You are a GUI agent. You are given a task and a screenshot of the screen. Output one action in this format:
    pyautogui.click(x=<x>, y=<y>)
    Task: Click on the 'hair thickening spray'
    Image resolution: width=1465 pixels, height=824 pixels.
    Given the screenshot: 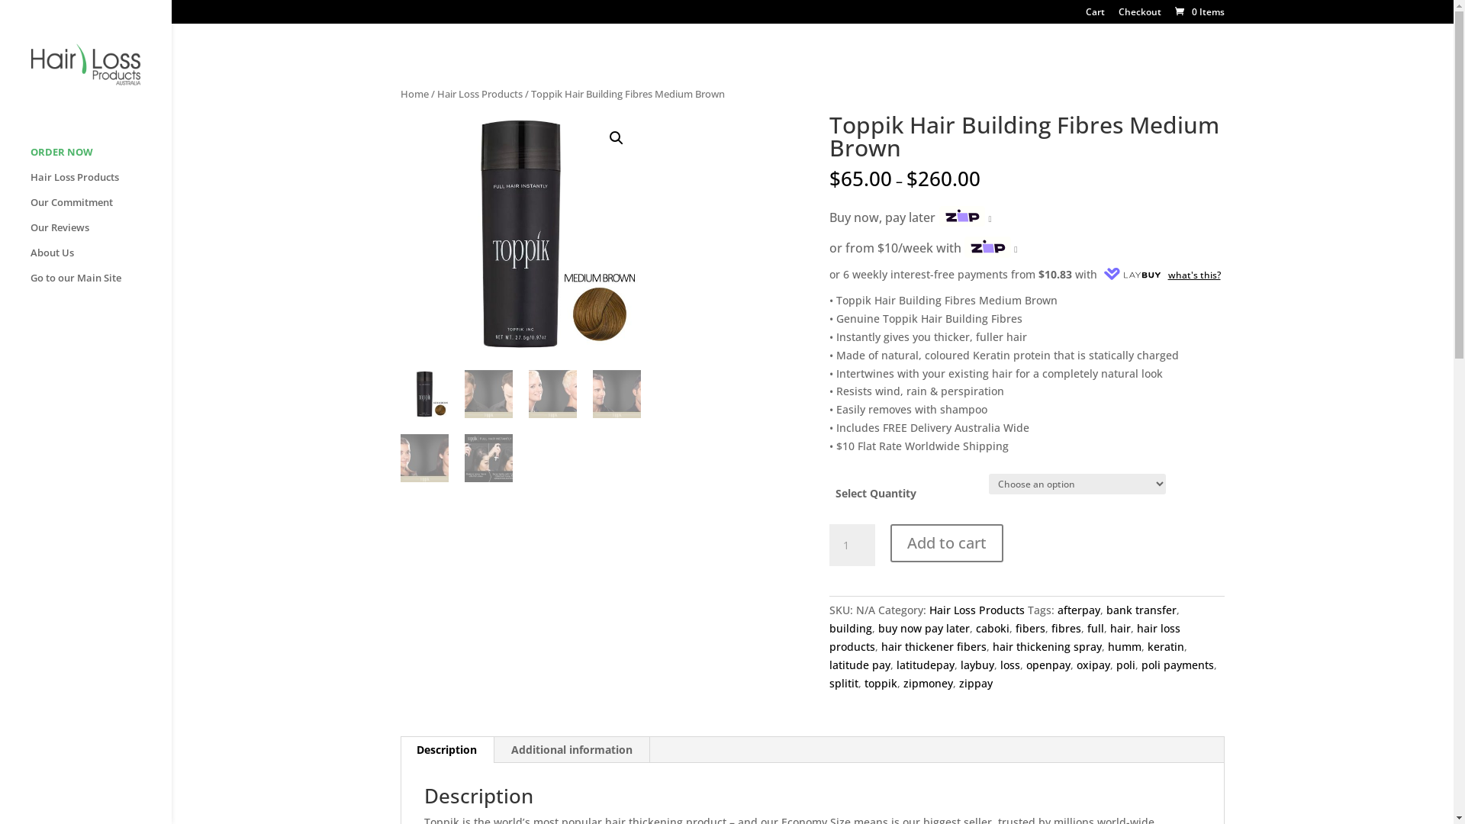 What is the action you would take?
    pyautogui.click(x=1046, y=646)
    